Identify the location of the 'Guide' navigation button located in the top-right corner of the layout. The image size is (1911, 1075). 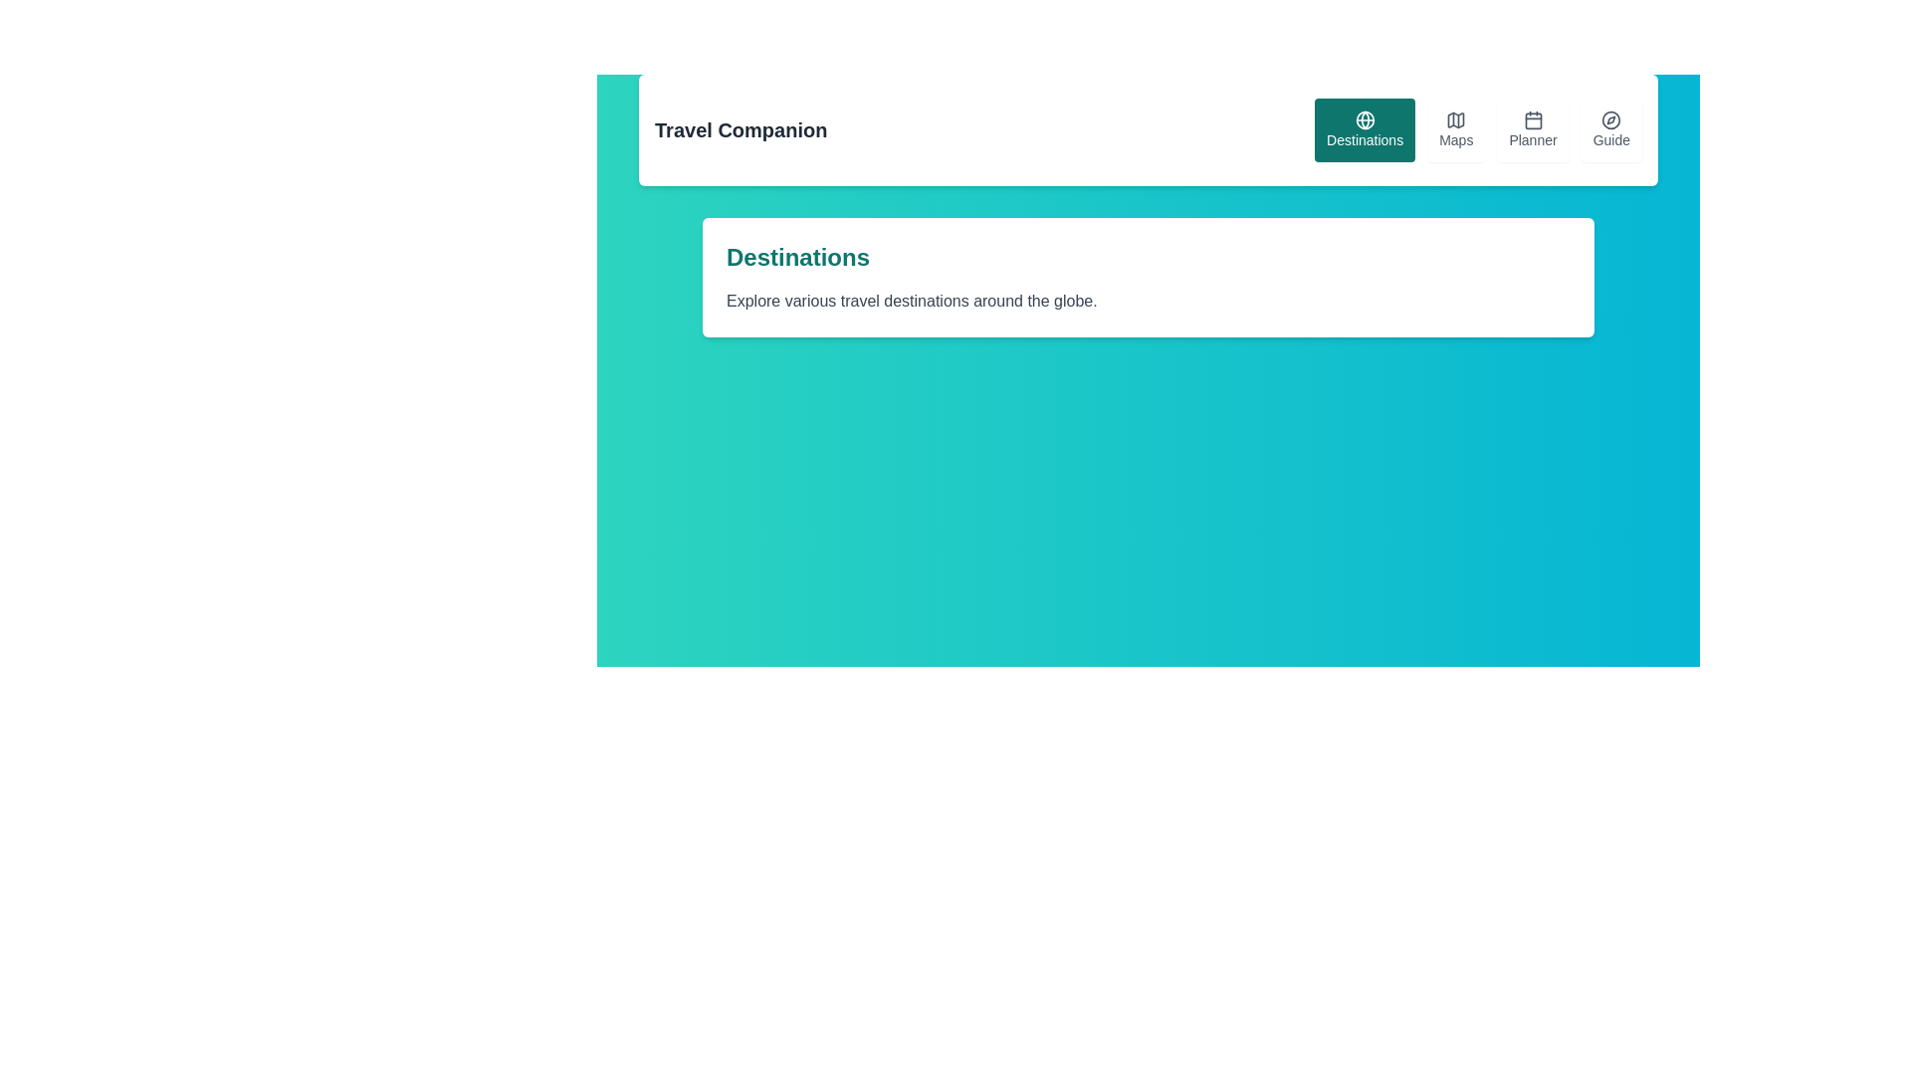
(1611, 139).